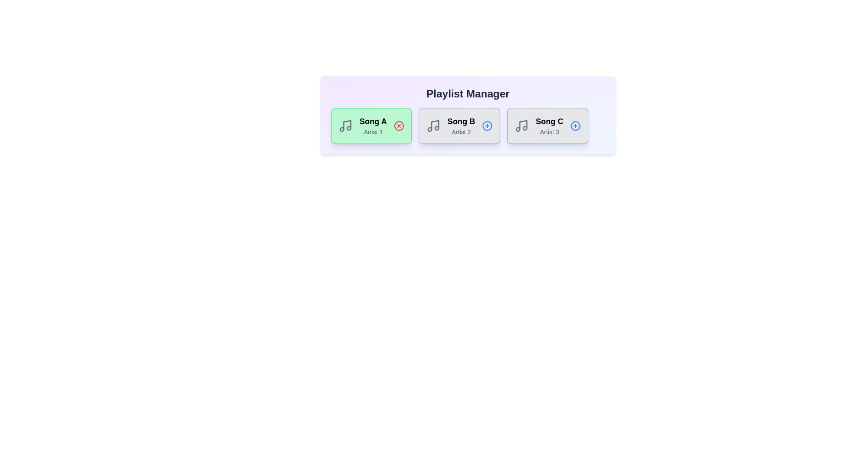 This screenshot has width=843, height=474. I want to click on add icon for the song titled Song B to add it to the playlist, so click(487, 126).